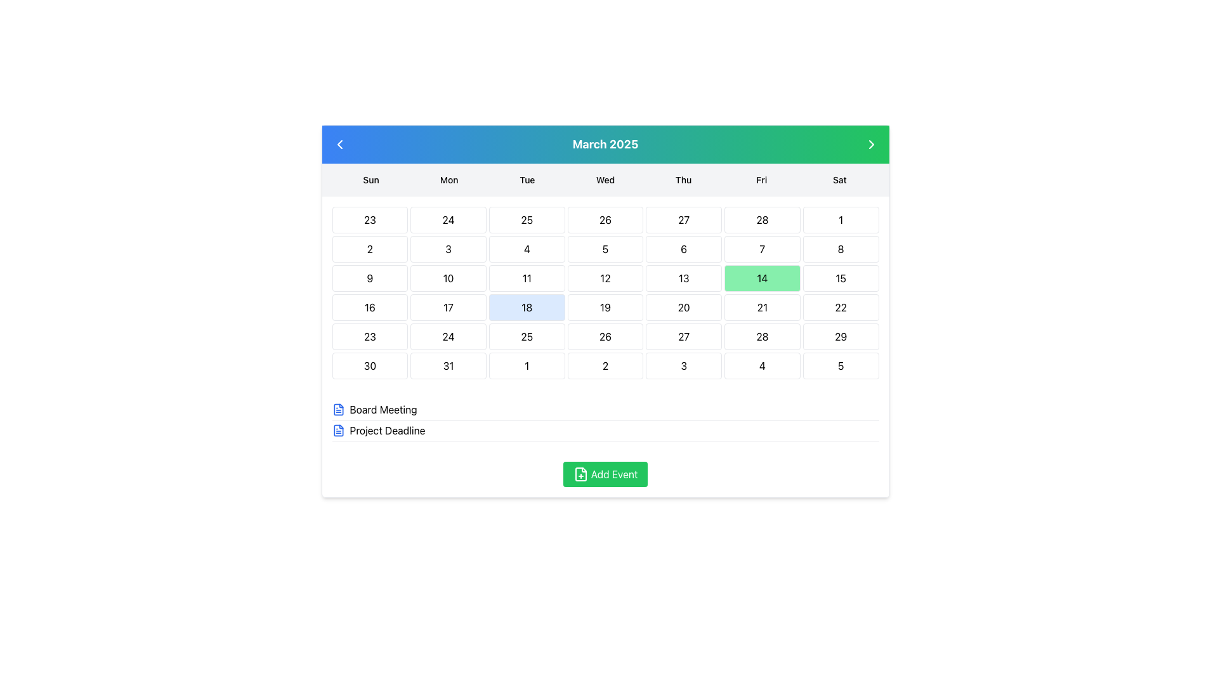  Describe the element at coordinates (683, 308) in the screenshot. I see `the calendar date cell representing Thursday in the fifth row and fourth column of the March 2025 calendar` at that location.